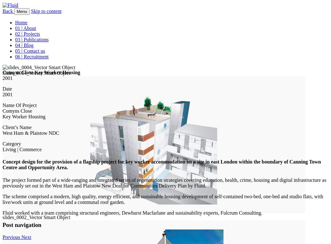 The height and width of the screenshot is (244, 331). I want to click on 'Category', so click(11, 144).